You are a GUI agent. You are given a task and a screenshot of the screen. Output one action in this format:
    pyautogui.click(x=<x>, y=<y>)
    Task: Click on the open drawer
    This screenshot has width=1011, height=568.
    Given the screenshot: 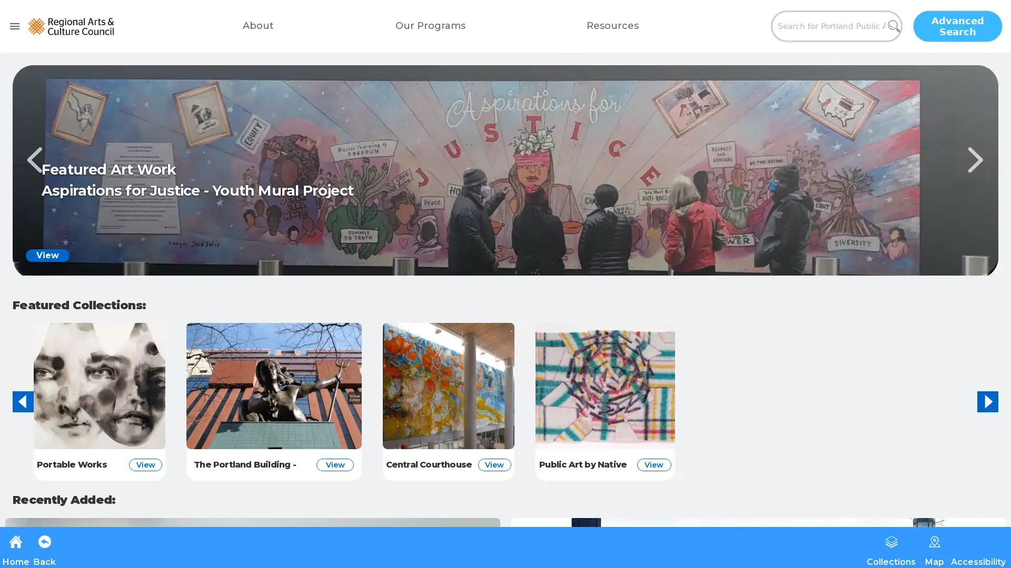 What is the action you would take?
    pyautogui.click(x=15, y=26)
    